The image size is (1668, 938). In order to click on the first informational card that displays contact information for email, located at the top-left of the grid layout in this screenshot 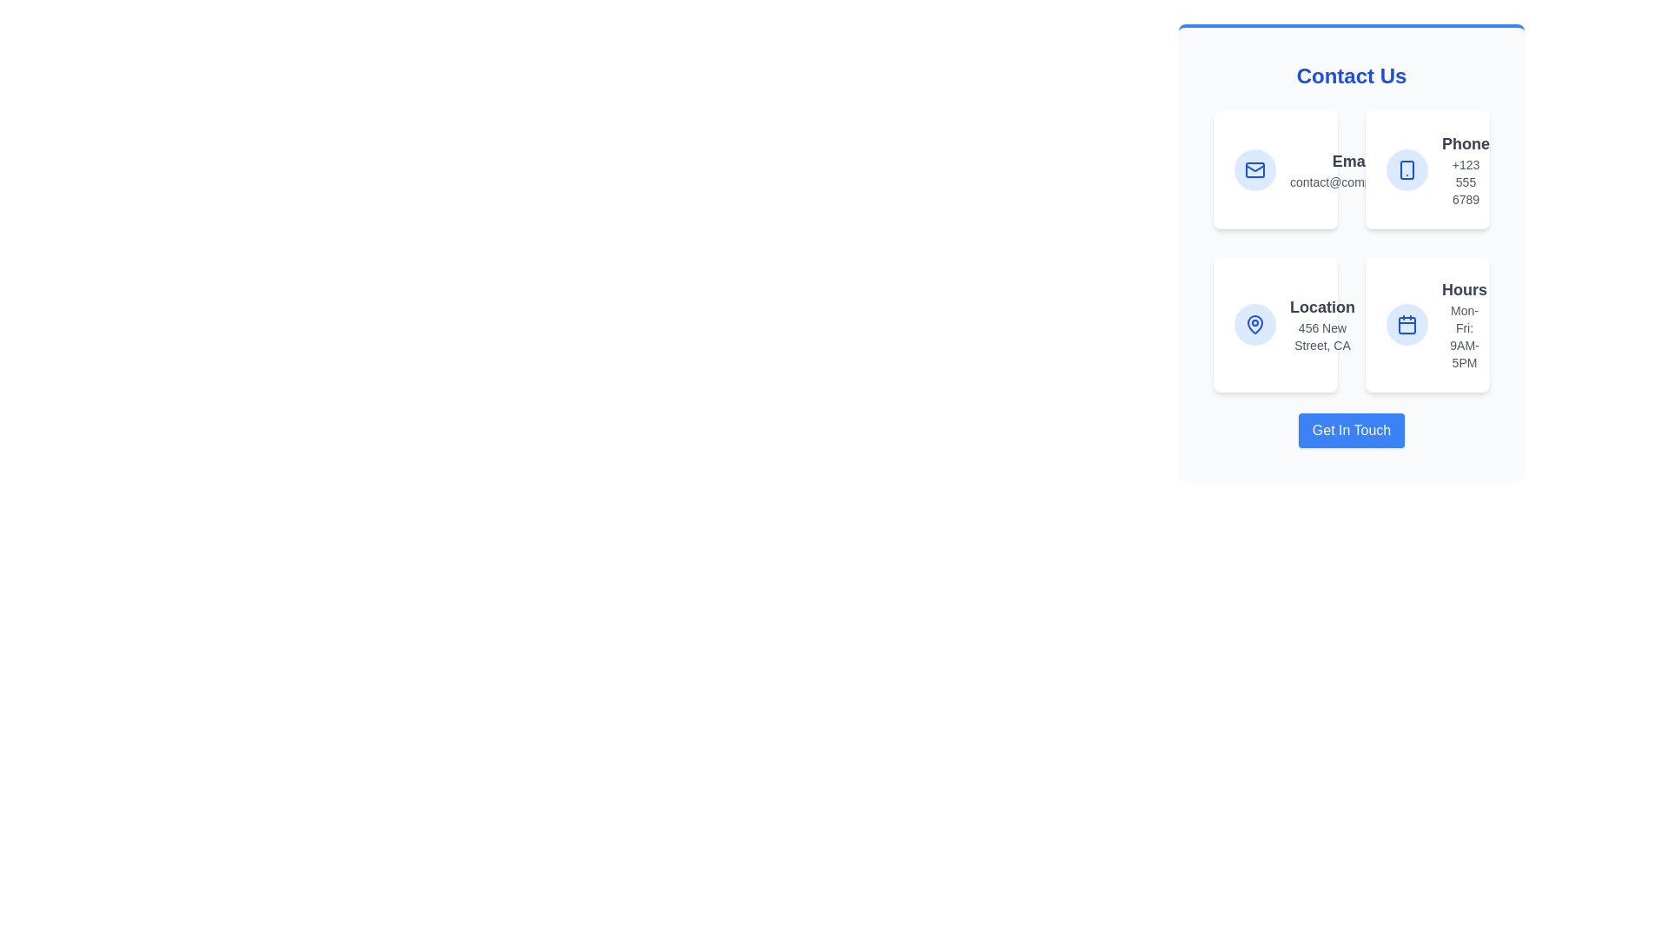, I will do `click(1275, 170)`.